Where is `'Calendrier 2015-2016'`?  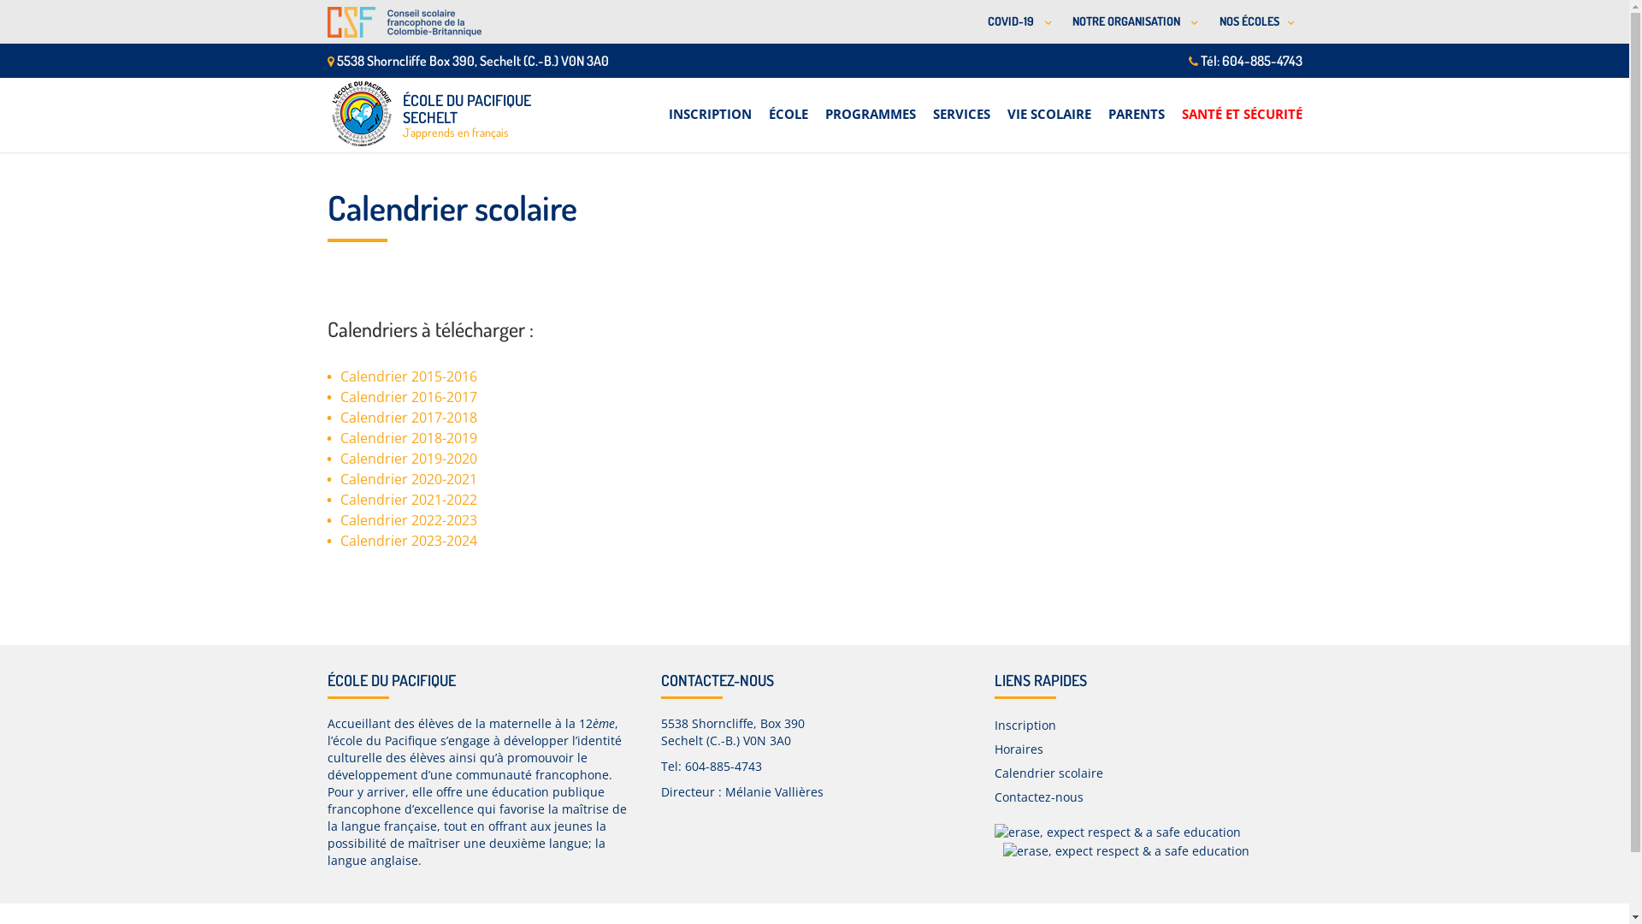 'Calendrier 2015-2016' is located at coordinates (408, 375).